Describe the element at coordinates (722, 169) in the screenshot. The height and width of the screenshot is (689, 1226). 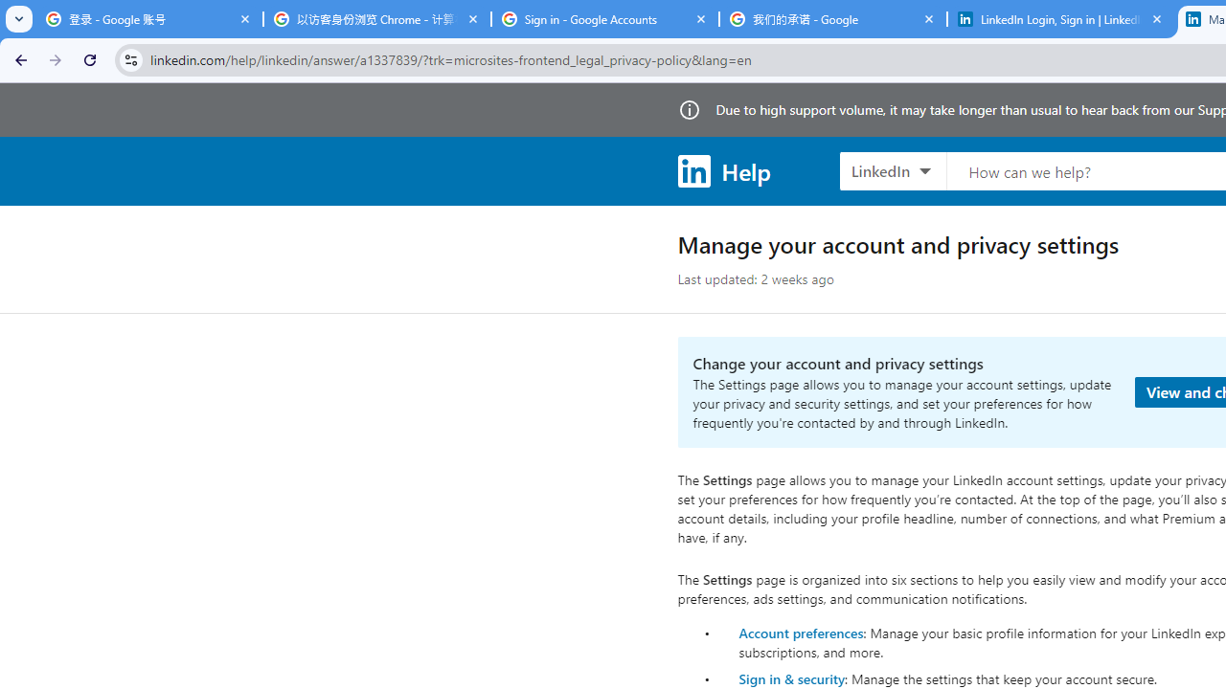
I see `'Help'` at that location.